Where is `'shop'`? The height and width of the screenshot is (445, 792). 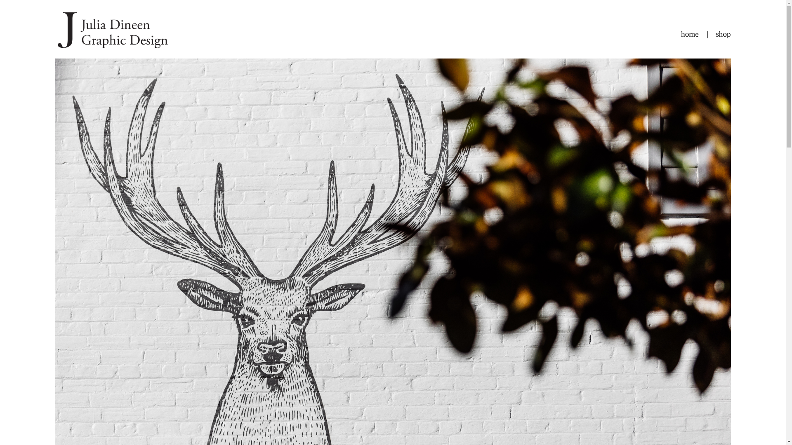 'shop' is located at coordinates (715, 33).